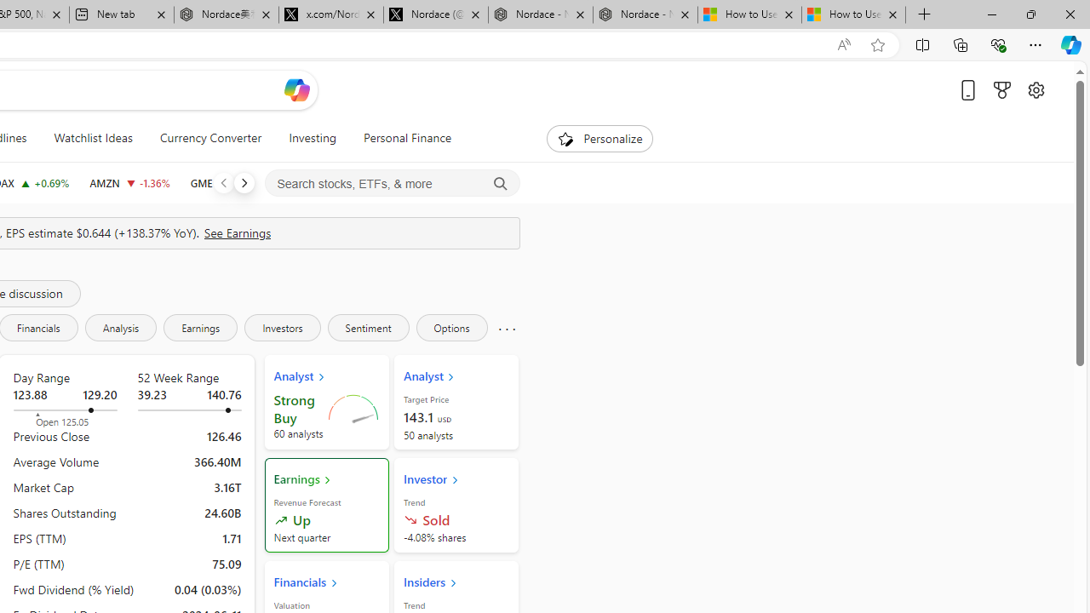  What do you see at coordinates (313, 138) in the screenshot?
I see `'Investing'` at bounding box center [313, 138].